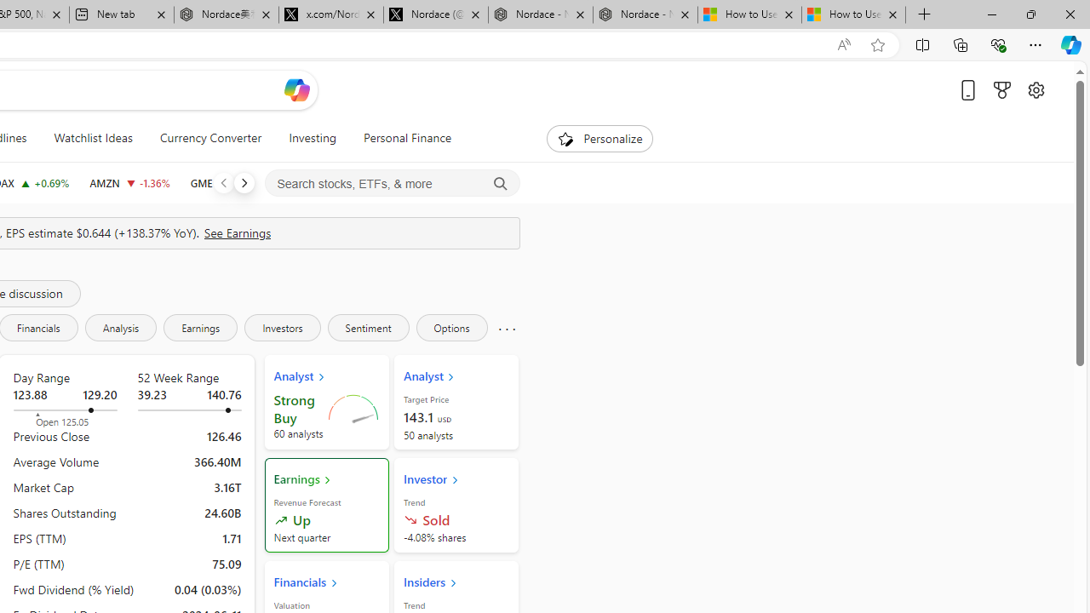  What do you see at coordinates (313, 138) in the screenshot?
I see `'Investing'` at bounding box center [313, 138].